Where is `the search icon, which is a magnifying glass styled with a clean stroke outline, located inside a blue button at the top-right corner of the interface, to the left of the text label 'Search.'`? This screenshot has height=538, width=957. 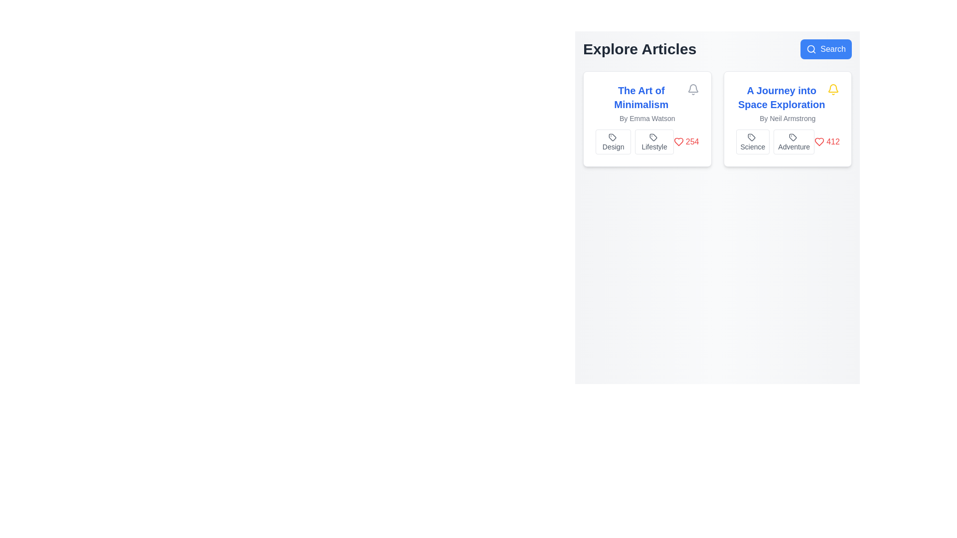 the search icon, which is a magnifying glass styled with a clean stroke outline, located inside a blue button at the top-right corner of the interface, to the left of the text label 'Search.' is located at coordinates (811, 49).